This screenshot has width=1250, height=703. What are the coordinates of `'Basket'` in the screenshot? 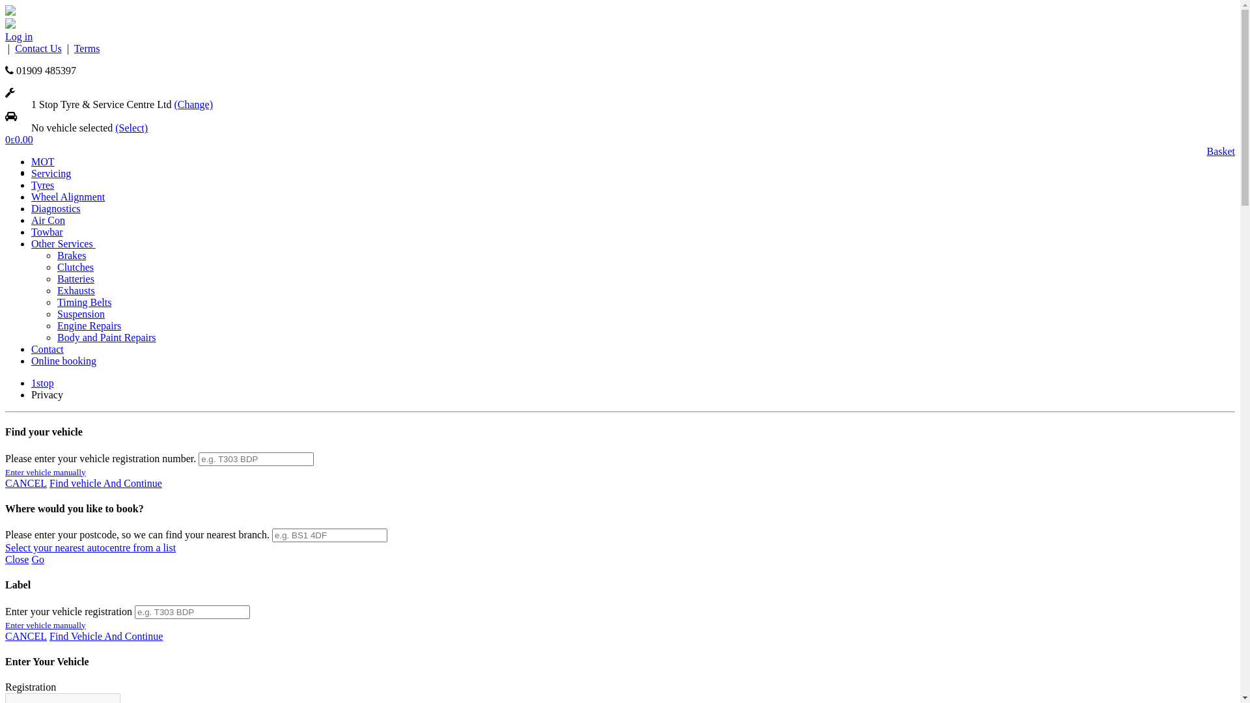 It's located at (1220, 150).